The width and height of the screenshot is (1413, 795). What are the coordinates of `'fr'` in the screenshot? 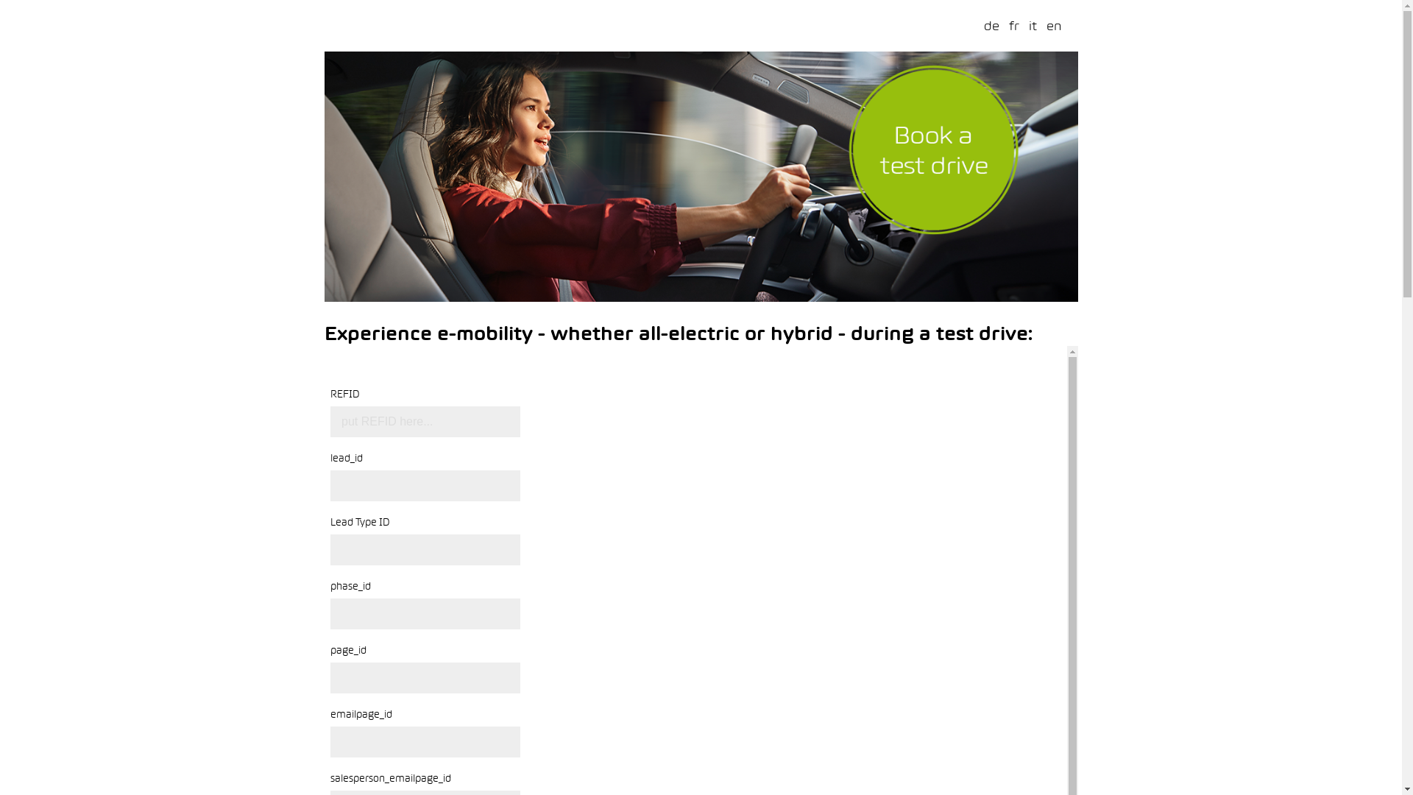 It's located at (1013, 25).